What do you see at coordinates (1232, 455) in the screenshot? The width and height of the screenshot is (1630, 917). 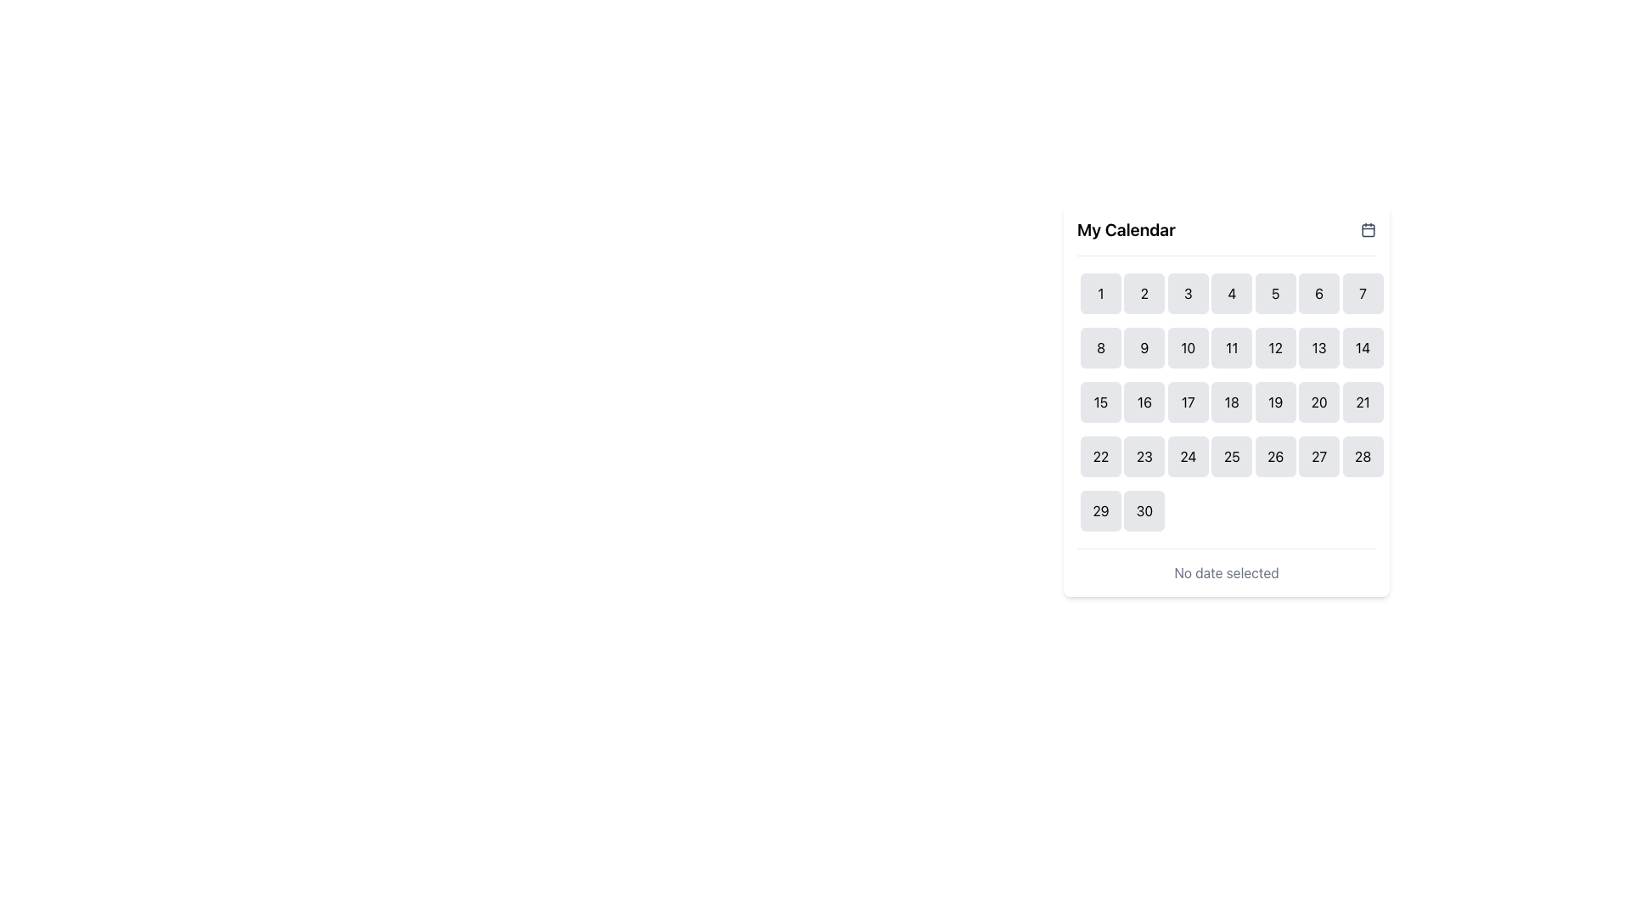 I see `the calendar cell representing the 25th day` at bounding box center [1232, 455].